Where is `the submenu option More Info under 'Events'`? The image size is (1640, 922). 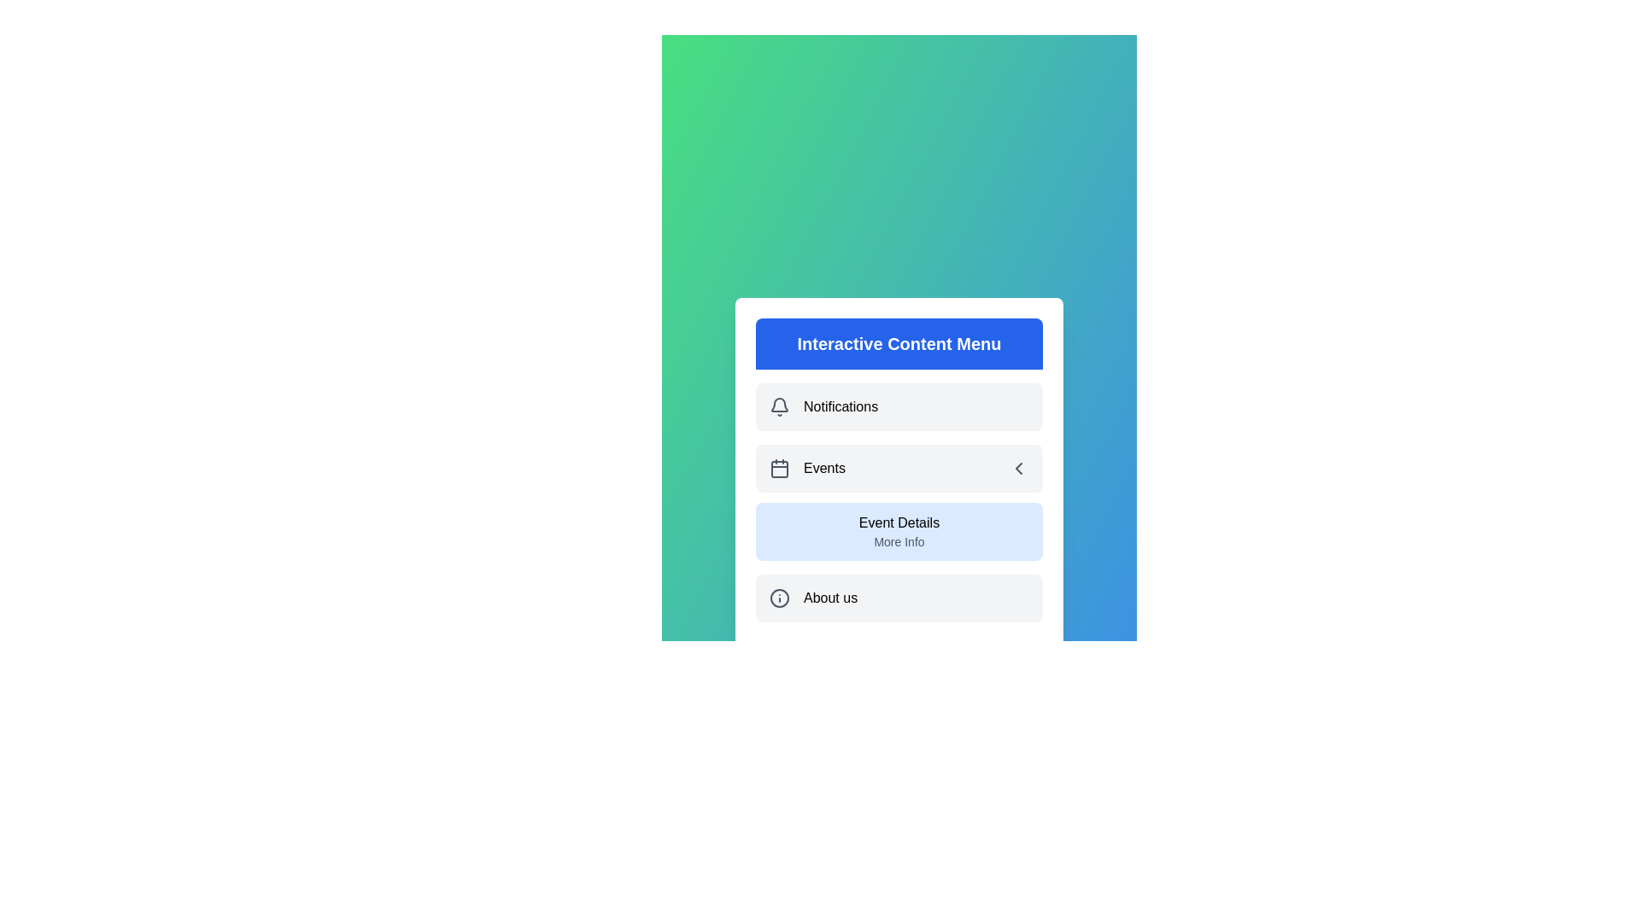 the submenu option More Info under 'Events' is located at coordinates (898, 542).